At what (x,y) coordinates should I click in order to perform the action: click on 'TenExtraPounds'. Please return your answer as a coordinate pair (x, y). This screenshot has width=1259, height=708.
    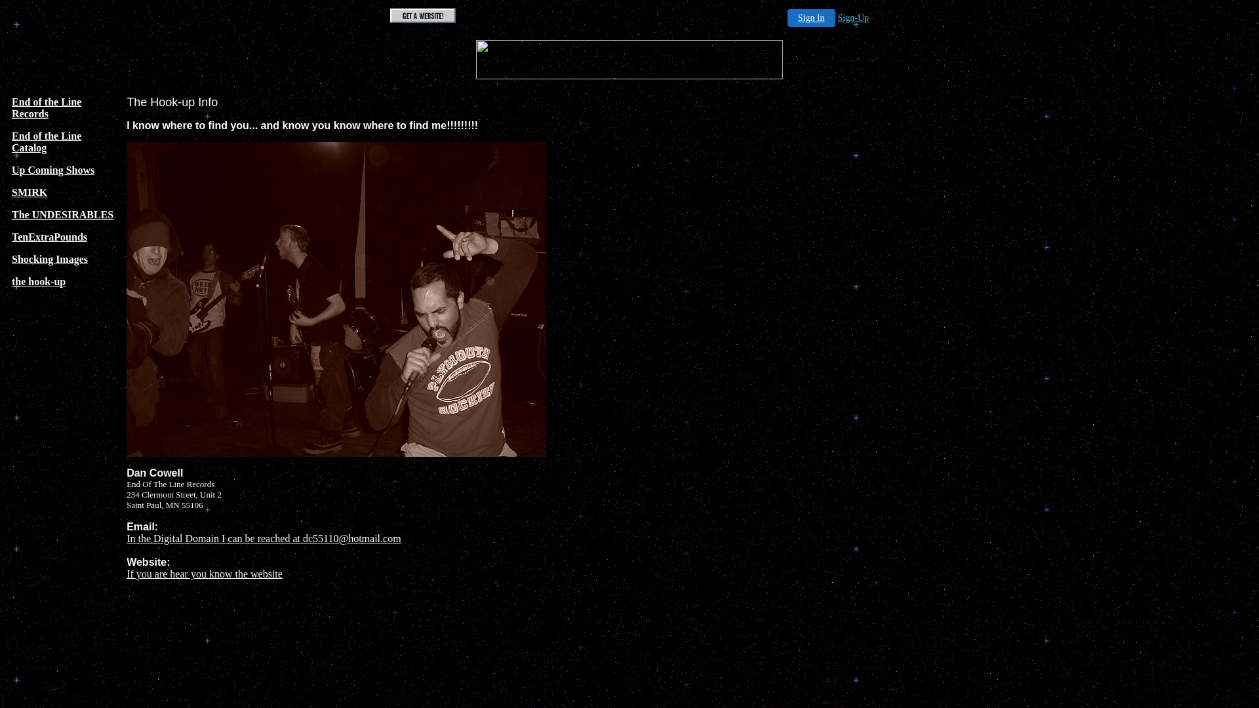
    Looking at the image, I should click on (49, 237).